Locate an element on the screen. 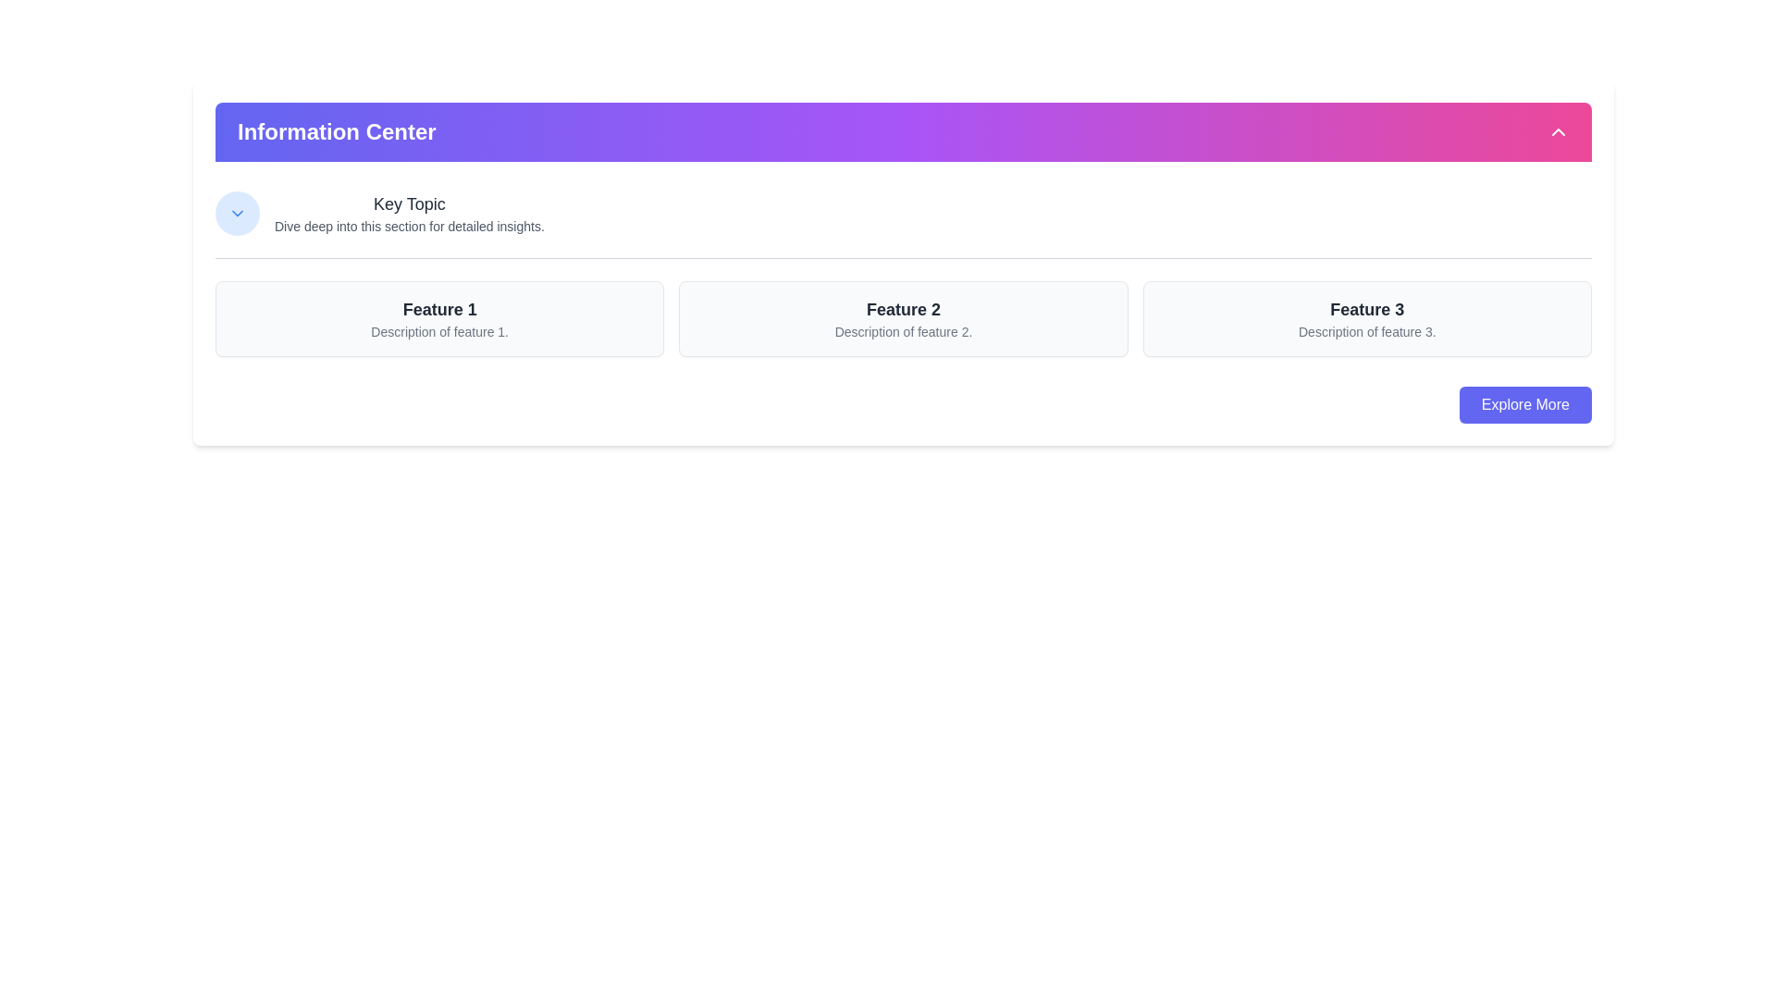 This screenshot has height=999, width=1776. the Card Component located in the middle of the grid layout is located at coordinates (904, 317).